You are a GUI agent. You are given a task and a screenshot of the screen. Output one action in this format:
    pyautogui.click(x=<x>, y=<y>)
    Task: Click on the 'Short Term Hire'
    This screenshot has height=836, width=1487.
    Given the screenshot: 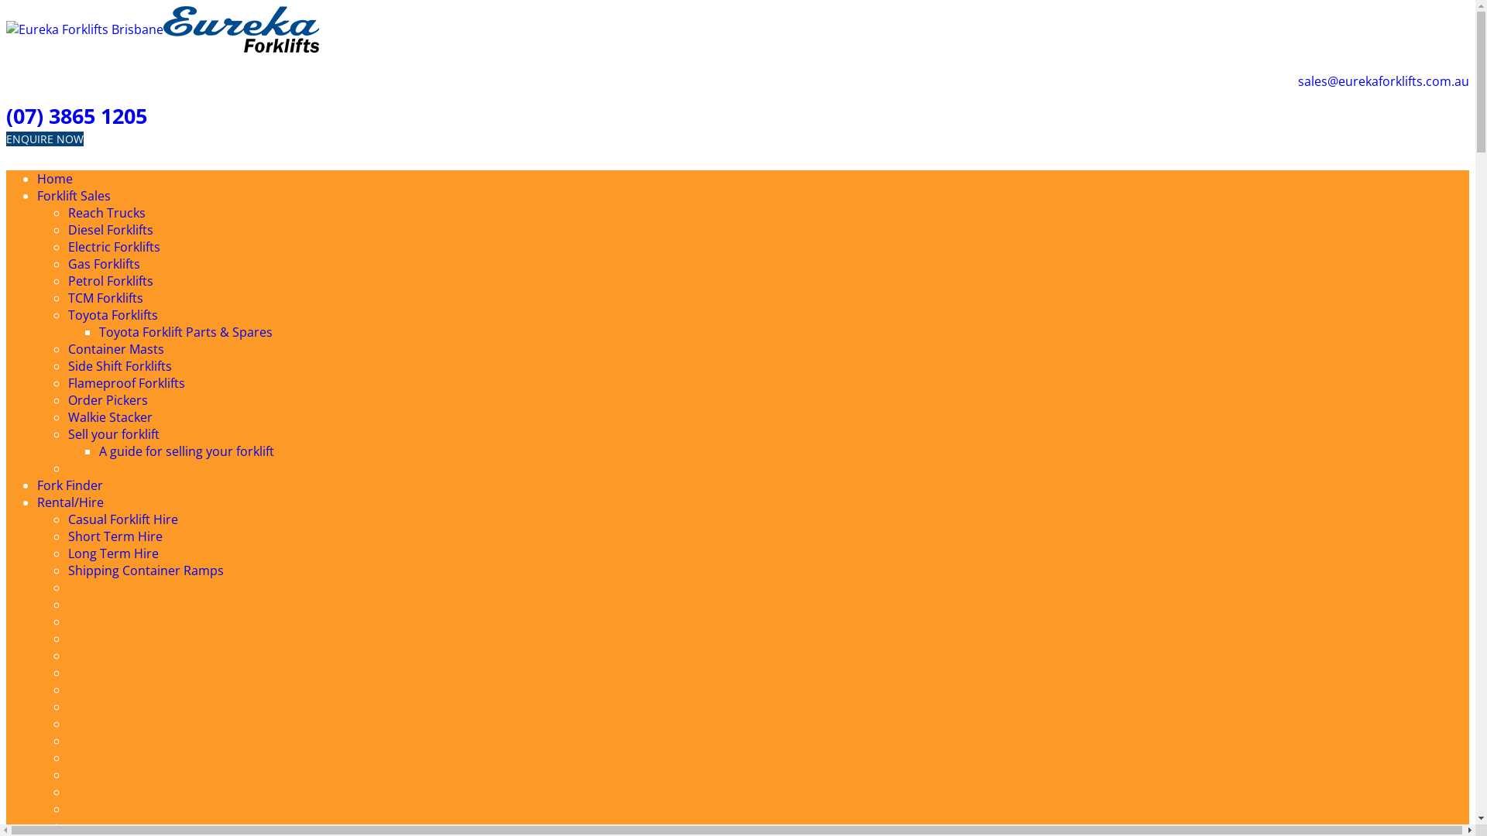 What is the action you would take?
    pyautogui.click(x=114, y=536)
    